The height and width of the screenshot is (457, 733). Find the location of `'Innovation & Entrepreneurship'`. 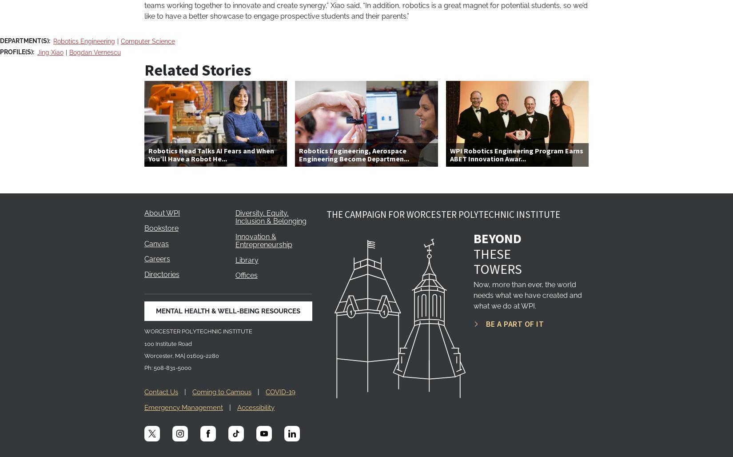

'Innovation & Entrepreneurship' is located at coordinates (263, 241).